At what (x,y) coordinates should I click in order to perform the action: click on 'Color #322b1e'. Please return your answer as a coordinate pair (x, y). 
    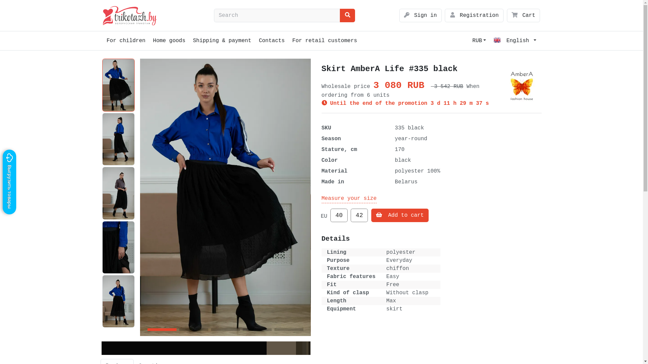
    Looking at the image, I should click on (299, 348).